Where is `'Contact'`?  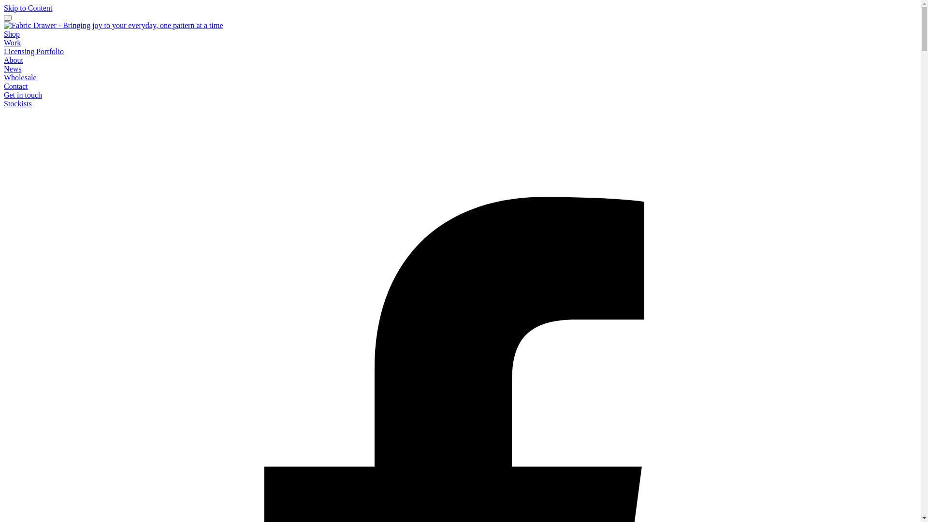
'Contact' is located at coordinates (16, 86).